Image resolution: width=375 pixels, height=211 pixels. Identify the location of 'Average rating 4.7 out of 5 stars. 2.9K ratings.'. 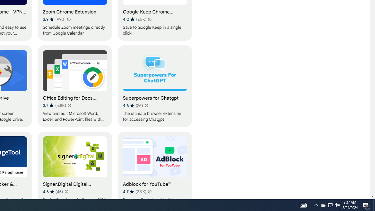
(134, 191).